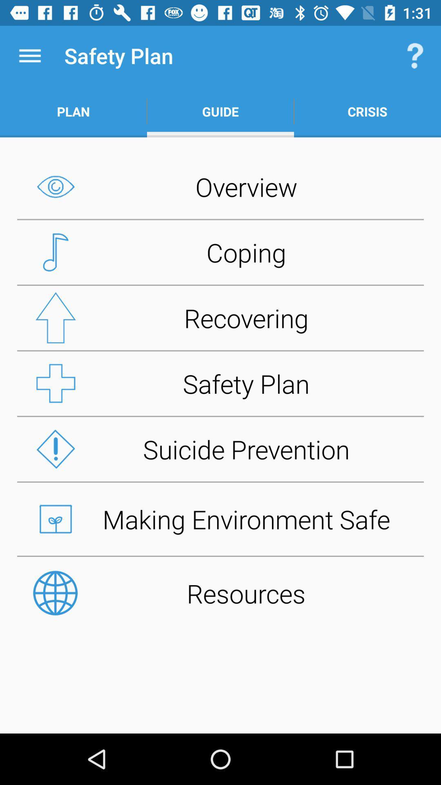 The height and width of the screenshot is (785, 441). What do you see at coordinates (220, 111) in the screenshot?
I see `guide icon` at bounding box center [220, 111].